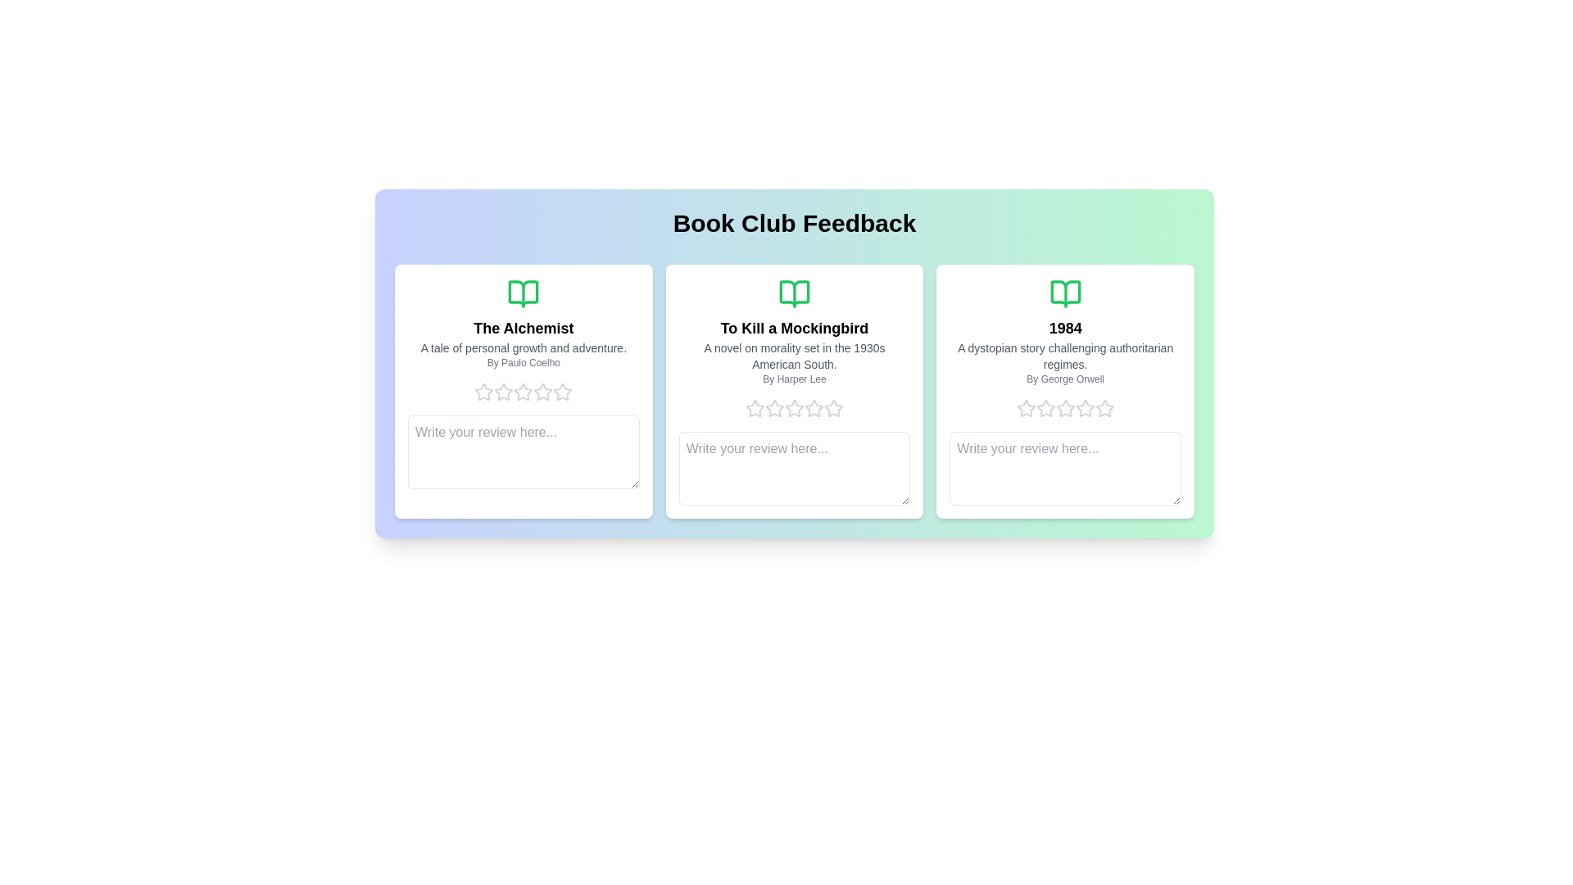 The height and width of the screenshot is (885, 1573). What do you see at coordinates (483, 392) in the screenshot?
I see `the first star icon in the rating interface of 'The Alchemist' book card` at bounding box center [483, 392].